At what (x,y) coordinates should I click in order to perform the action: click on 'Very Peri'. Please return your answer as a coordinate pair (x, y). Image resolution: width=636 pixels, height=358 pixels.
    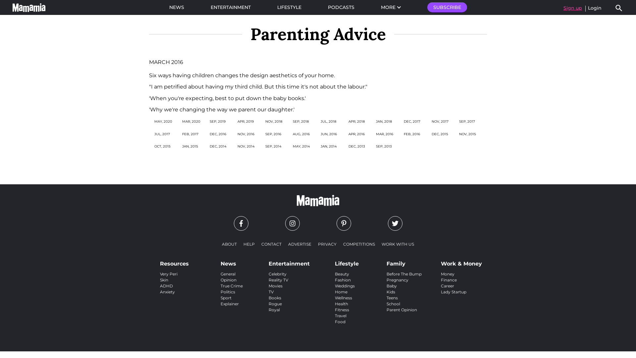
    Looking at the image, I should click on (160, 274).